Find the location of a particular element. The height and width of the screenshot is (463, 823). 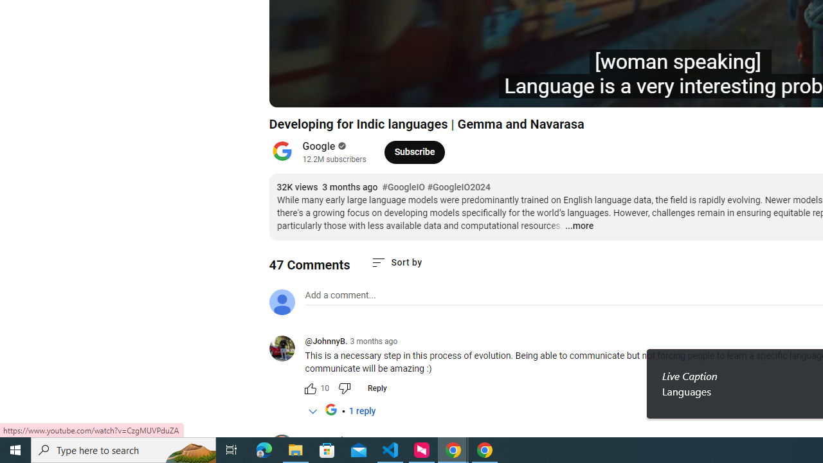

'Like this comment along with 10 other people' is located at coordinates (310, 388).